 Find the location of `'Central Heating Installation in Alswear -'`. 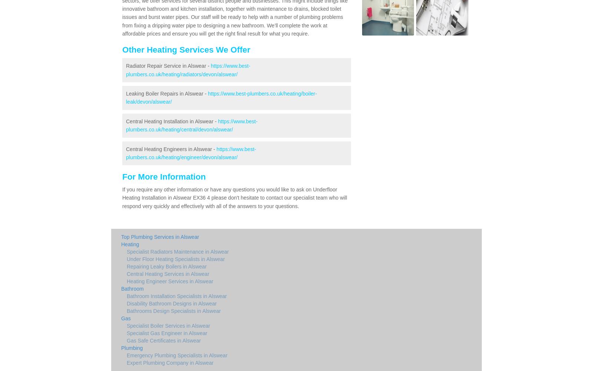

'Central Heating Installation in Alswear -' is located at coordinates (171, 120).